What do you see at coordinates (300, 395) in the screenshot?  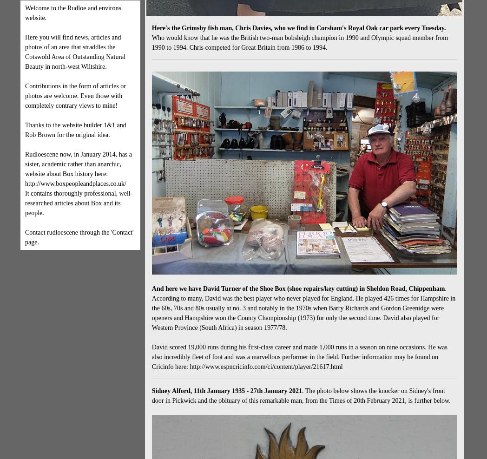 I see `'. The photo below shows the knocker on Sidney's front door in Pickwick and the obituary of this remarkable man, from the Times
of 20th February 2021, is further below.'` at bounding box center [300, 395].